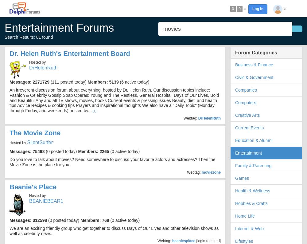 This screenshot has height=244, width=307. What do you see at coordinates (134, 82) in the screenshot?
I see `'(6 active today)'` at bounding box center [134, 82].